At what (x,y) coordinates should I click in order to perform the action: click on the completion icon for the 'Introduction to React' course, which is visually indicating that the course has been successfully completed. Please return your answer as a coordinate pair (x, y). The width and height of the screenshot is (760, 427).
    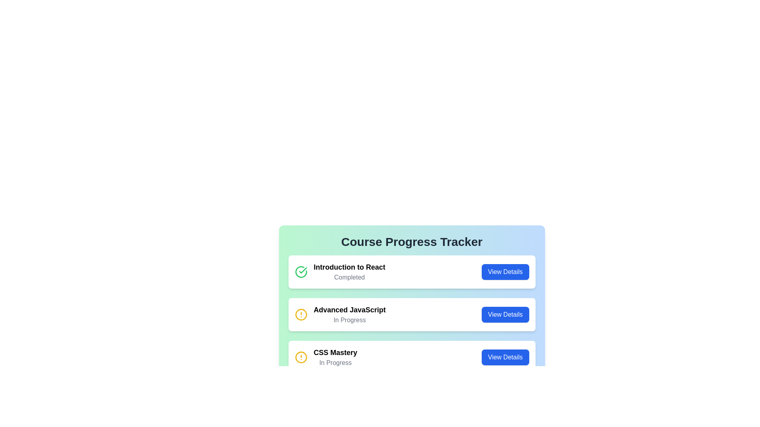
    Looking at the image, I should click on (302, 270).